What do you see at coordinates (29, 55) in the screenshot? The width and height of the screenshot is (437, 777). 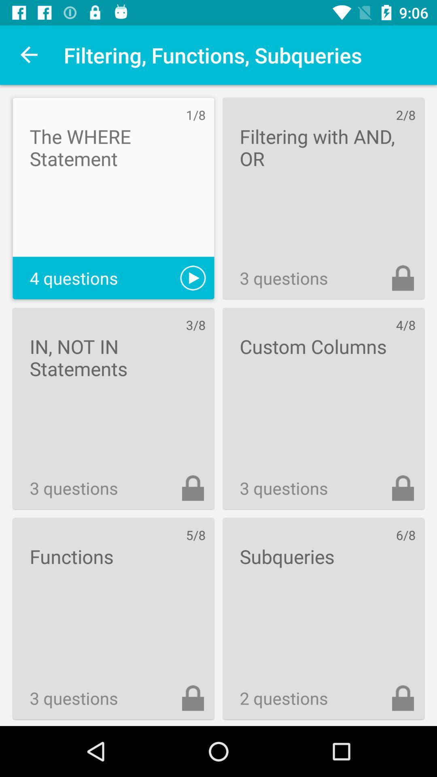 I see `the item to the left of filtering, functions, subqueries icon` at bounding box center [29, 55].